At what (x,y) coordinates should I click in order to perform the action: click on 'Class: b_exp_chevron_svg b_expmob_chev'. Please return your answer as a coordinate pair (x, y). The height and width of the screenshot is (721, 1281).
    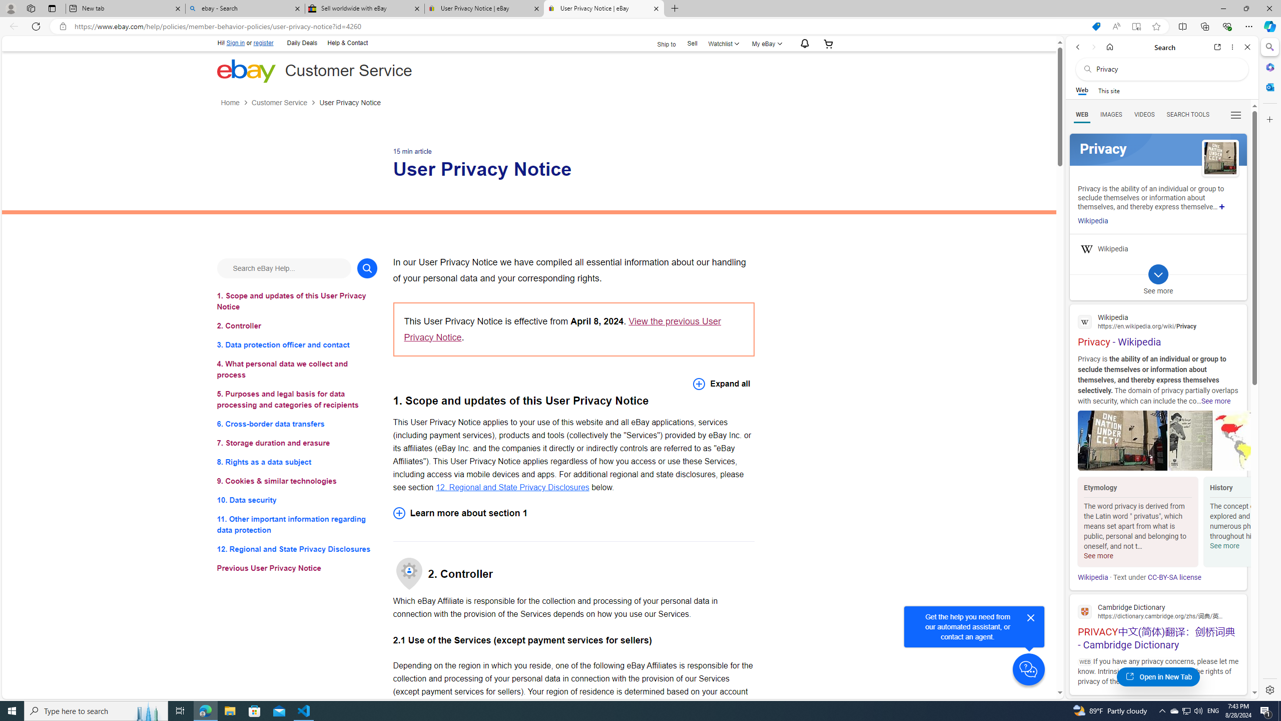
    Looking at the image, I should click on (1158, 274).